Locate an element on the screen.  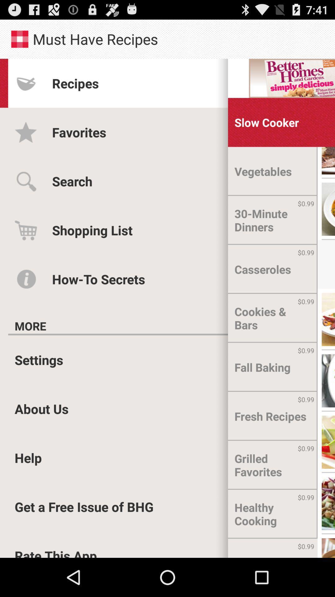
the app below help item is located at coordinates (84, 507).